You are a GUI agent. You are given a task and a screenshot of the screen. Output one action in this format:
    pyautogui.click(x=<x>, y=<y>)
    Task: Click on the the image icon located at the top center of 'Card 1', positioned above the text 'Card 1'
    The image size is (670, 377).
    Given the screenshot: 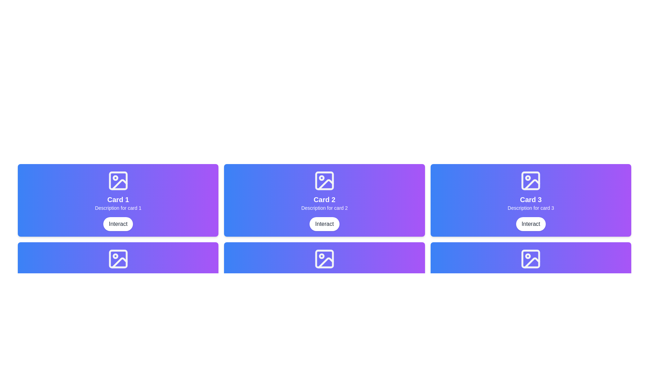 What is the action you would take?
    pyautogui.click(x=118, y=180)
    